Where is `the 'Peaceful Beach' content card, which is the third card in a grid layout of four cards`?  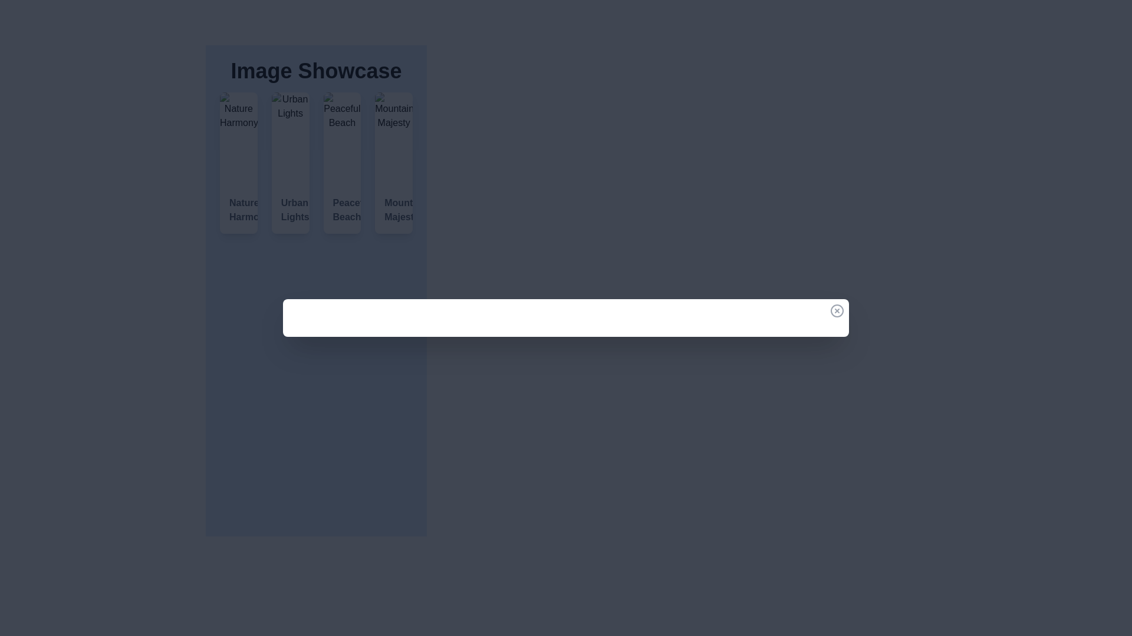 the 'Peaceful Beach' content card, which is the third card in a grid layout of four cards is located at coordinates (341, 163).